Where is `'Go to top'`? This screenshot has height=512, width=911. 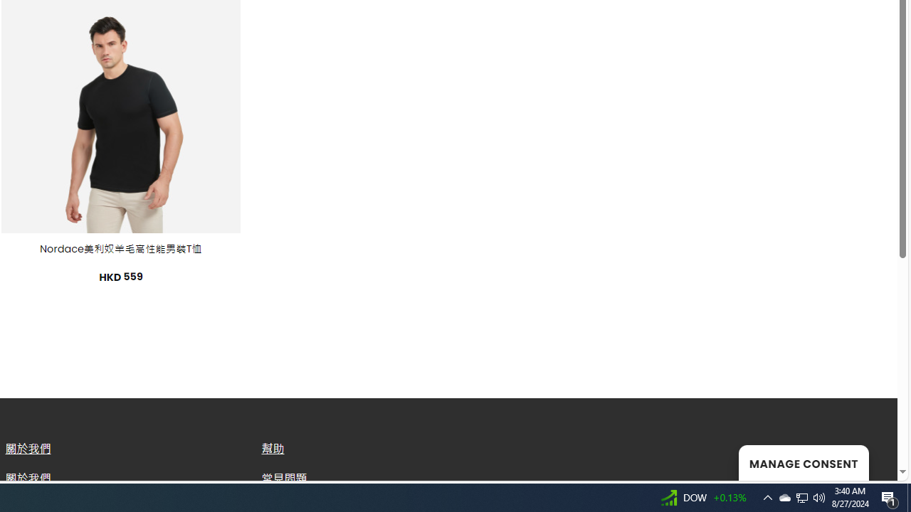
'Go to top' is located at coordinates (868, 461).